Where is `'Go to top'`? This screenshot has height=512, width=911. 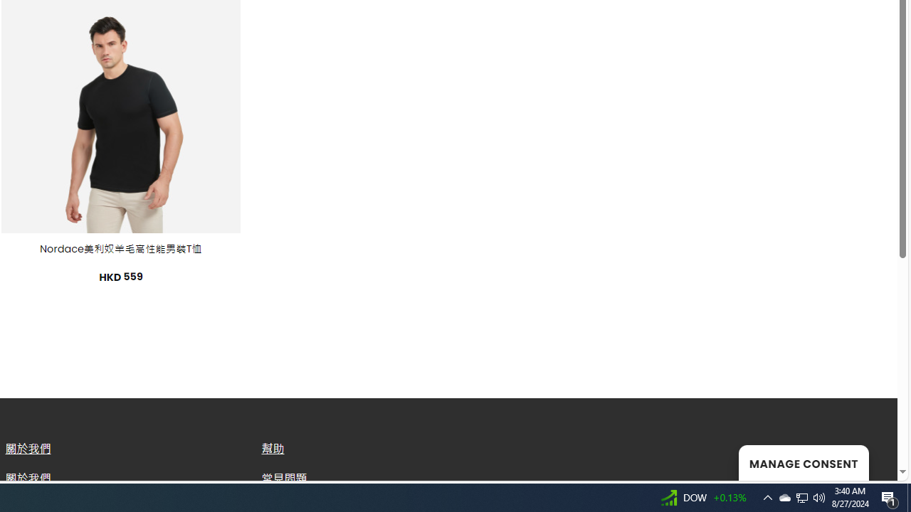
'Go to top' is located at coordinates (868, 461).